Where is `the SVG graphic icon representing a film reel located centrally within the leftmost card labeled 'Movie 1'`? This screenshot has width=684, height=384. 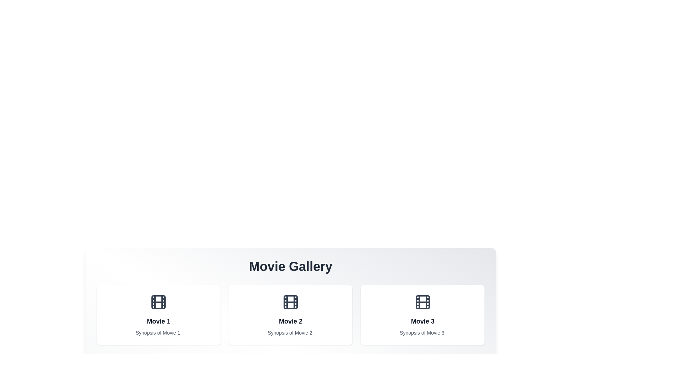
the SVG graphic icon representing a film reel located centrally within the leftmost card labeled 'Movie 1' is located at coordinates (158, 302).